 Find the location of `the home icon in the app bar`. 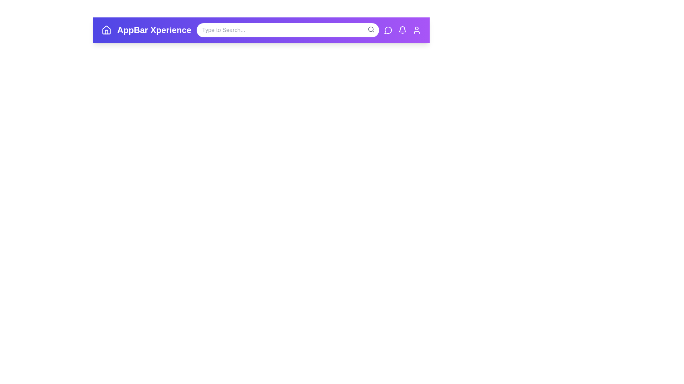

the home icon in the app bar is located at coordinates (106, 30).